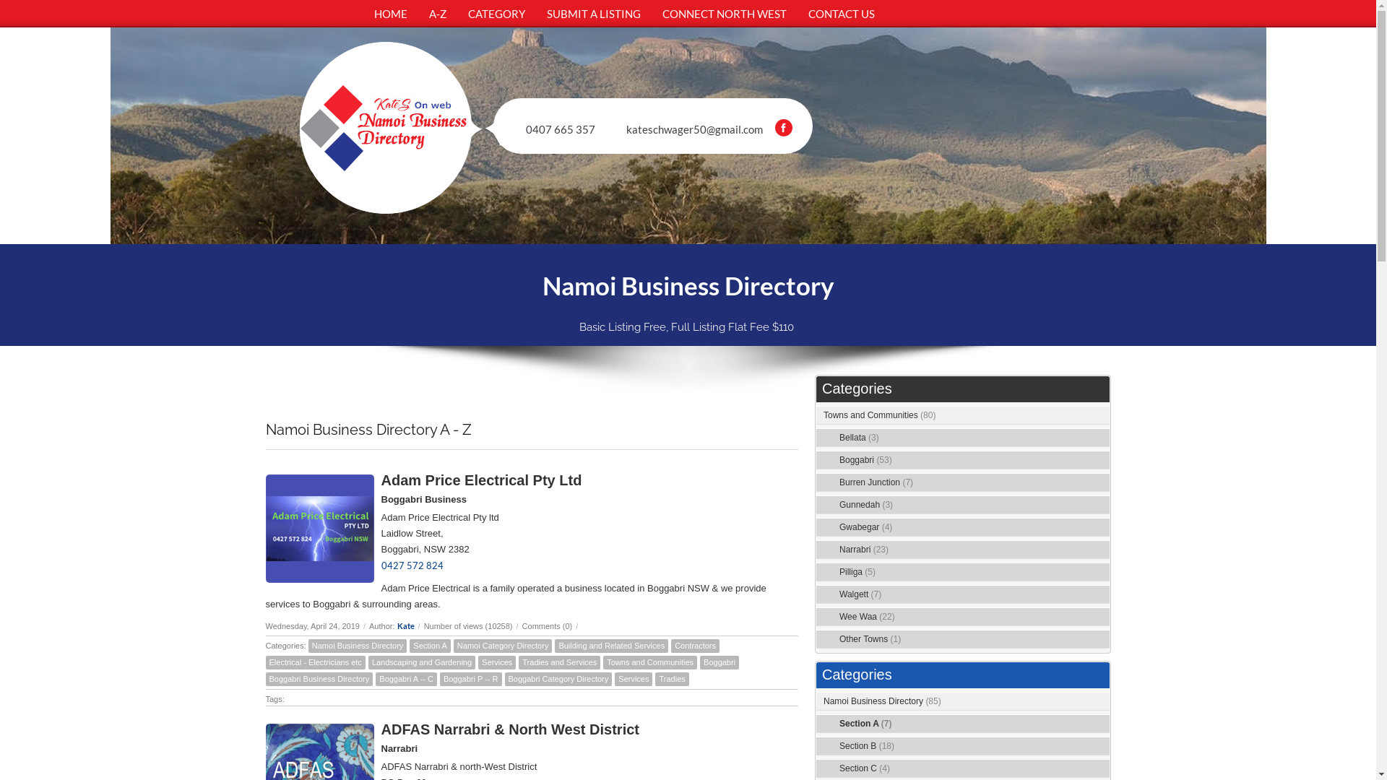 The width and height of the screenshot is (1387, 780). Describe the element at coordinates (864, 768) in the screenshot. I see `'Section C (4)'` at that location.